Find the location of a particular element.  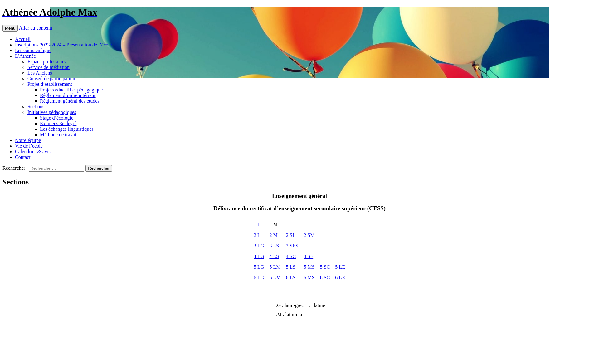

'Aller au contenu' is located at coordinates (35, 27).